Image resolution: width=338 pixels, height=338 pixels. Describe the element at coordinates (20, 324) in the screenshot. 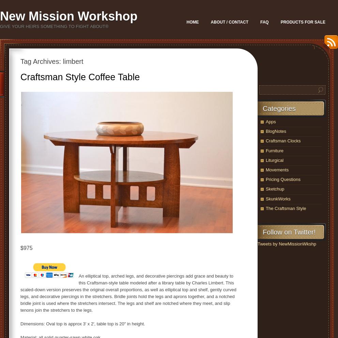

I see `'Dimensions: Oval top is approx 3′ x 2′, table top is 20″ in height.'` at that location.